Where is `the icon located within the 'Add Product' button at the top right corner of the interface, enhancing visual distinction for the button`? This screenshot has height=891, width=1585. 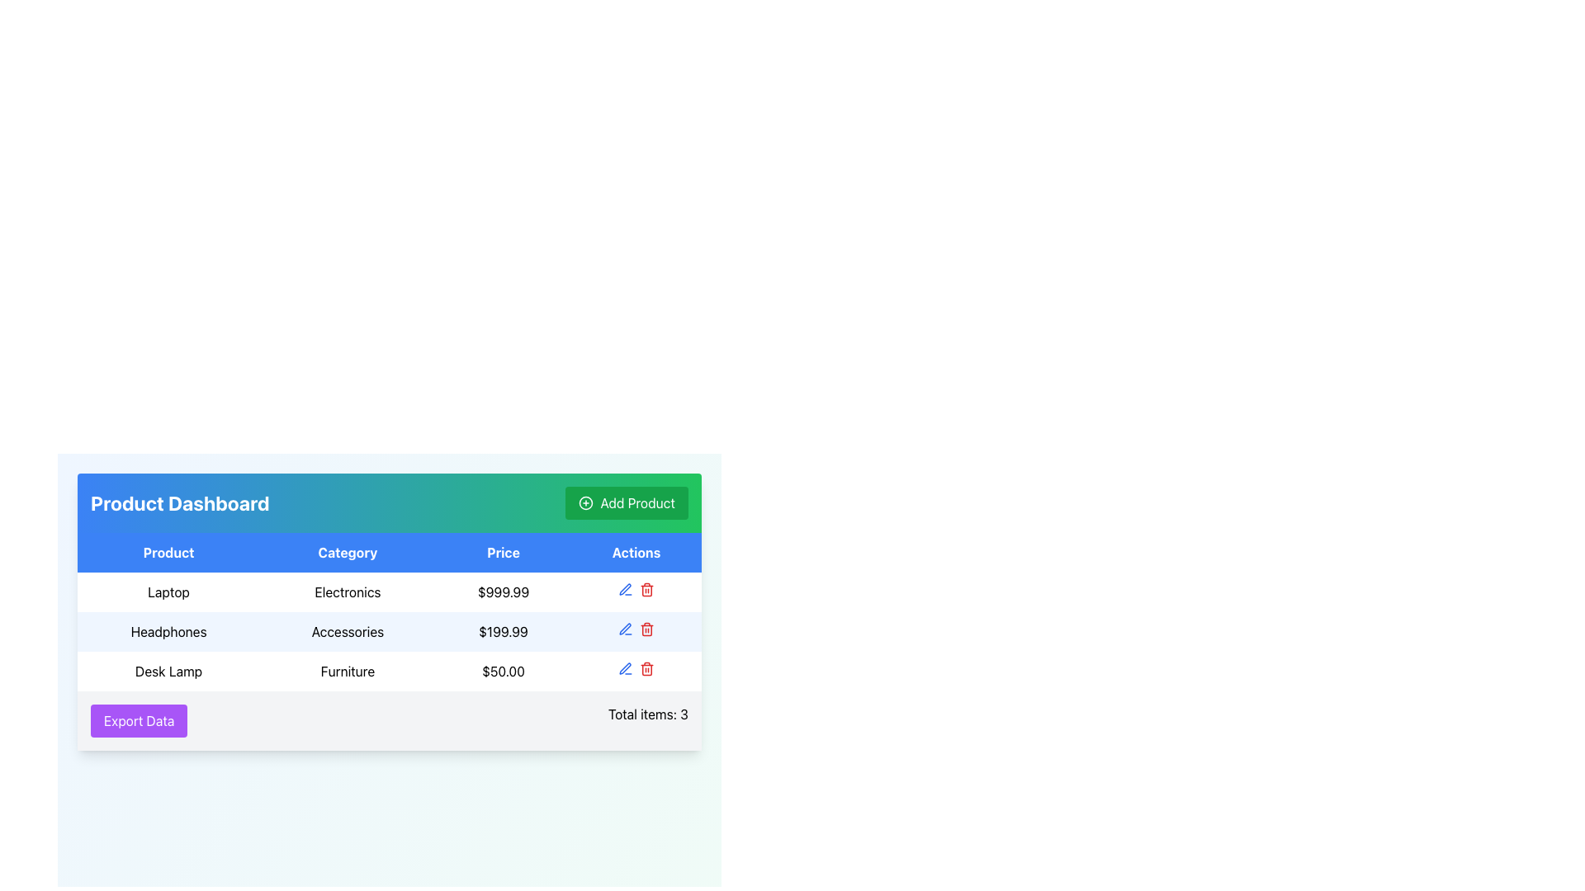 the icon located within the 'Add Product' button at the top right corner of the interface, enhancing visual distinction for the button is located at coordinates (586, 502).